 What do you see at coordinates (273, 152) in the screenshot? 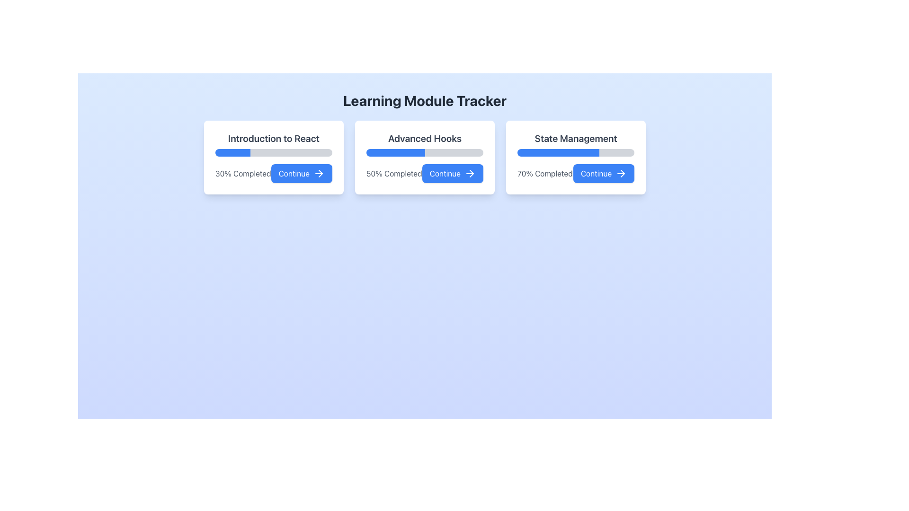
I see `the progress bar, which is a gray rectangle with a blue-filled segment indicating 30% progress, located below the 'Introduction to React' heading and above the '30% Completed Continue' line in the first card of three cards` at bounding box center [273, 152].